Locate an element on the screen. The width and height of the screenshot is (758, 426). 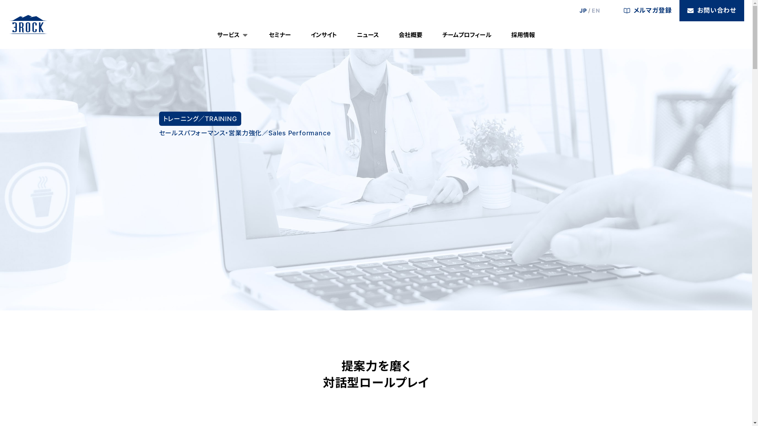
'EN' is located at coordinates (596, 11).